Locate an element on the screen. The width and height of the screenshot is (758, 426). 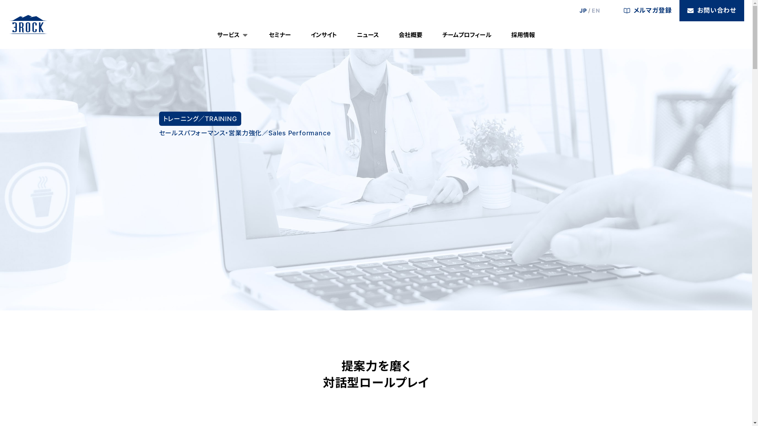
'EN' is located at coordinates (596, 11).